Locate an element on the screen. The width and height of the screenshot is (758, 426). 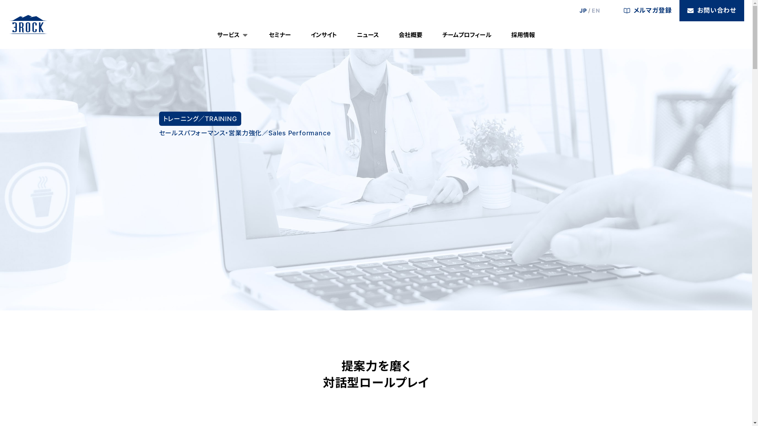
'EN' is located at coordinates (596, 11).